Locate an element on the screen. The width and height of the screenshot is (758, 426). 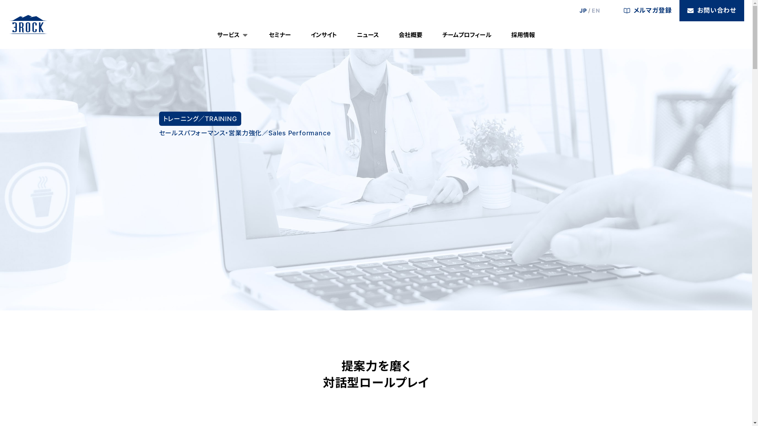
'EN' is located at coordinates (596, 11).